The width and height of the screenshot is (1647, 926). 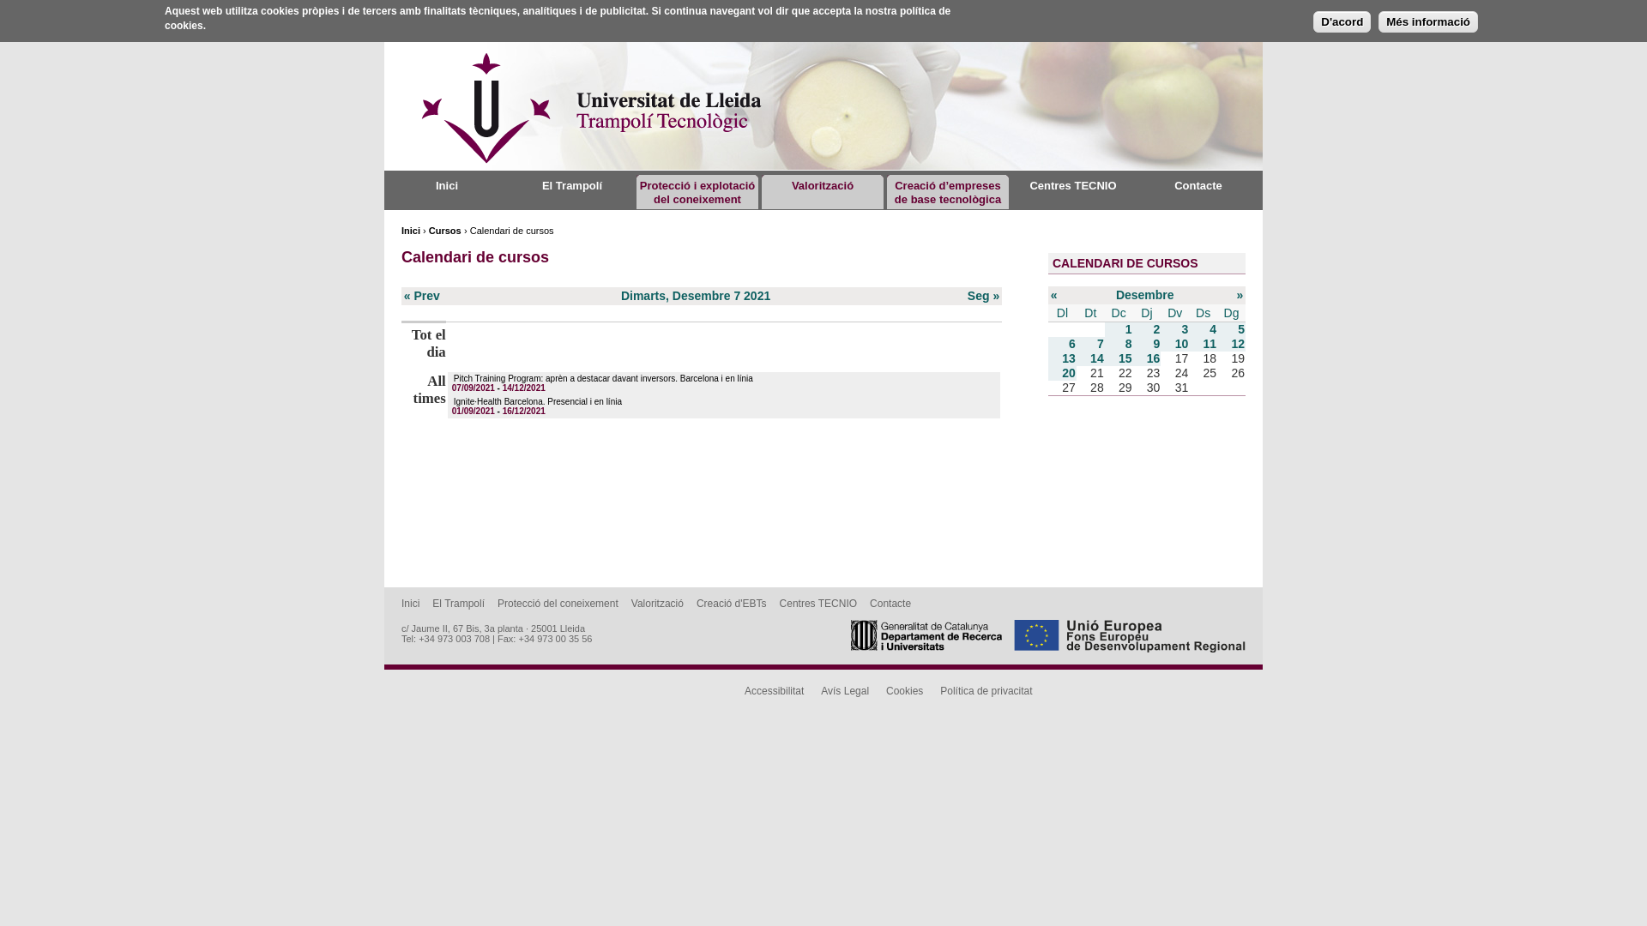 I want to click on 'Cookies', so click(x=903, y=690).